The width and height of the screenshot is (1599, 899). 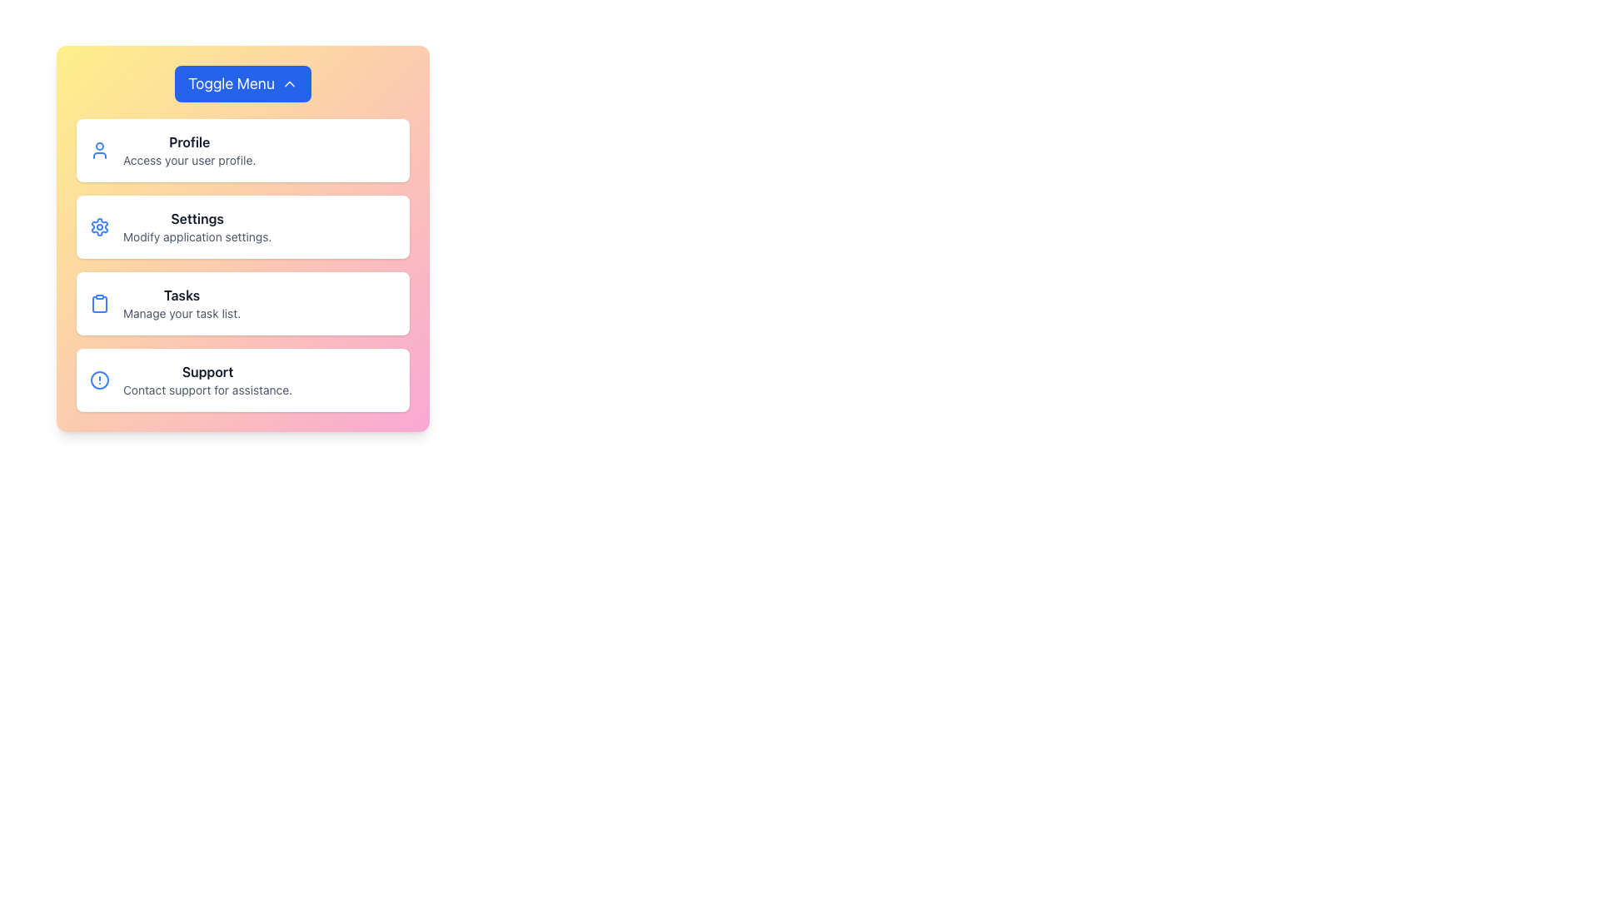 I want to click on the 'Settings' button, which is a rectangular button with a gear icon, located below the 'Profile' button and above the 'Tasks' button, so click(x=242, y=227).